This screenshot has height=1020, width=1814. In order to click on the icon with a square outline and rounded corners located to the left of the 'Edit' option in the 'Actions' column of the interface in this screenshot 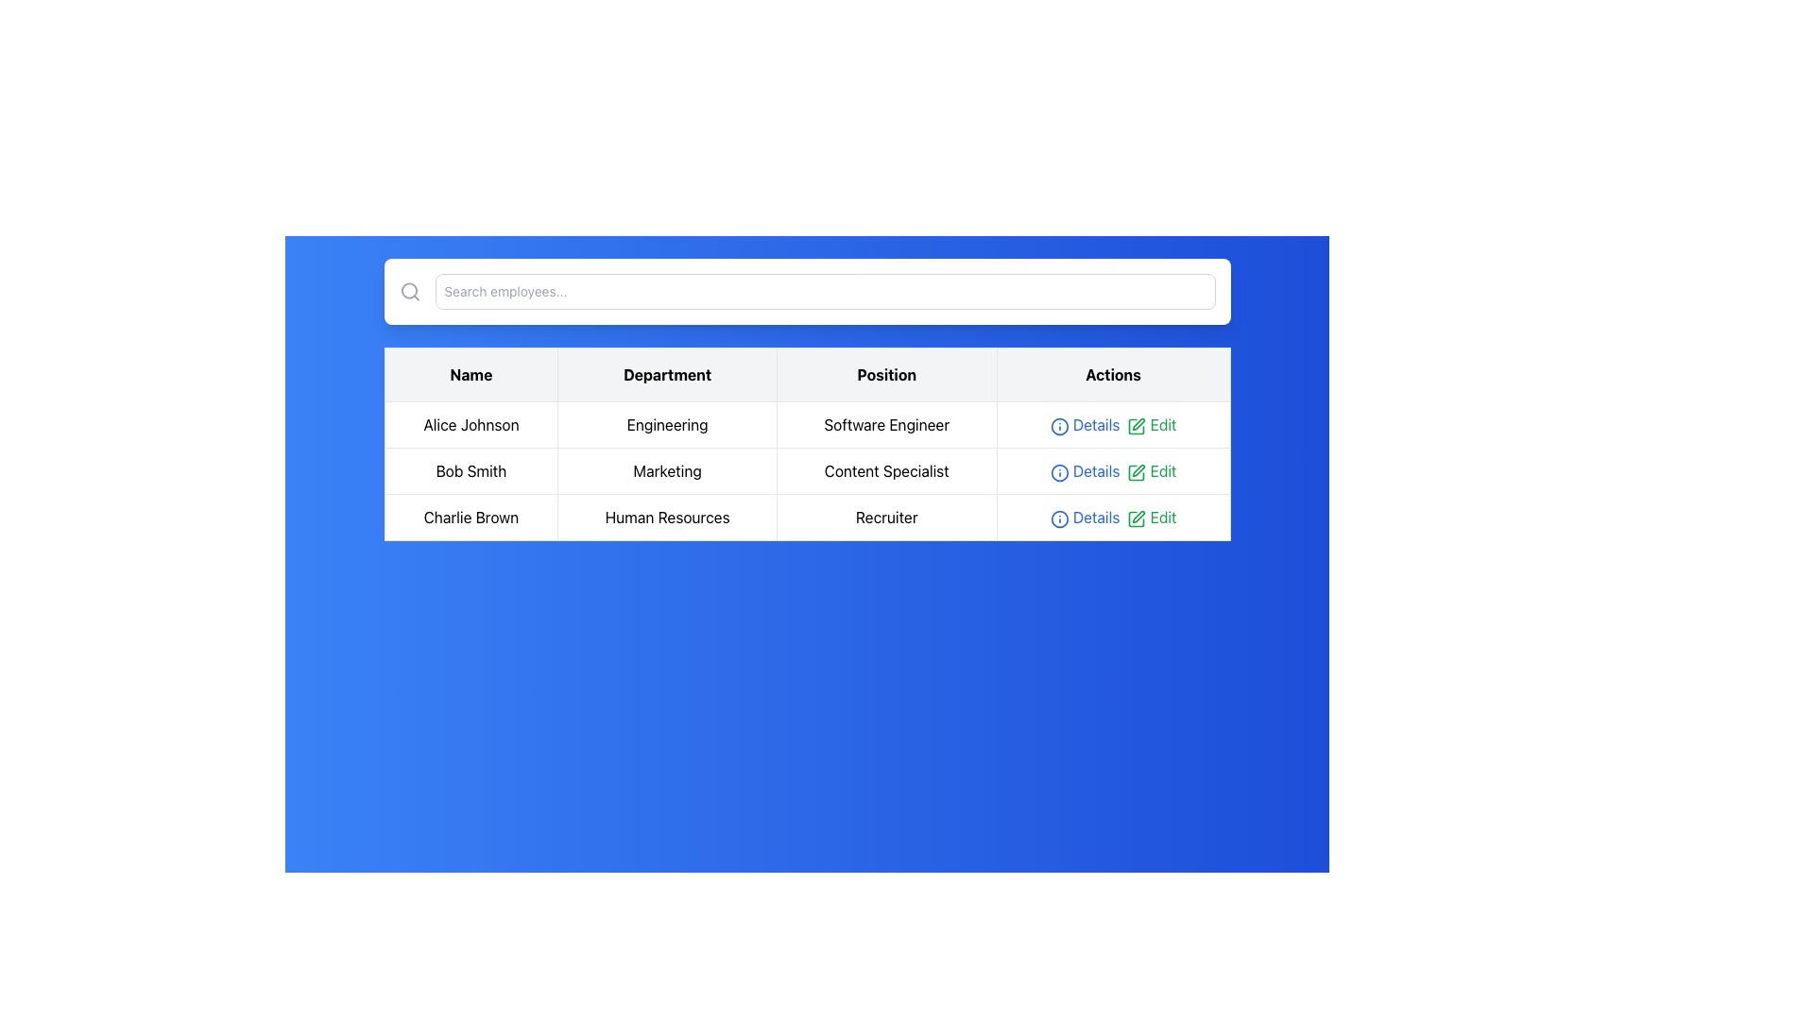, I will do `click(1136, 426)`.